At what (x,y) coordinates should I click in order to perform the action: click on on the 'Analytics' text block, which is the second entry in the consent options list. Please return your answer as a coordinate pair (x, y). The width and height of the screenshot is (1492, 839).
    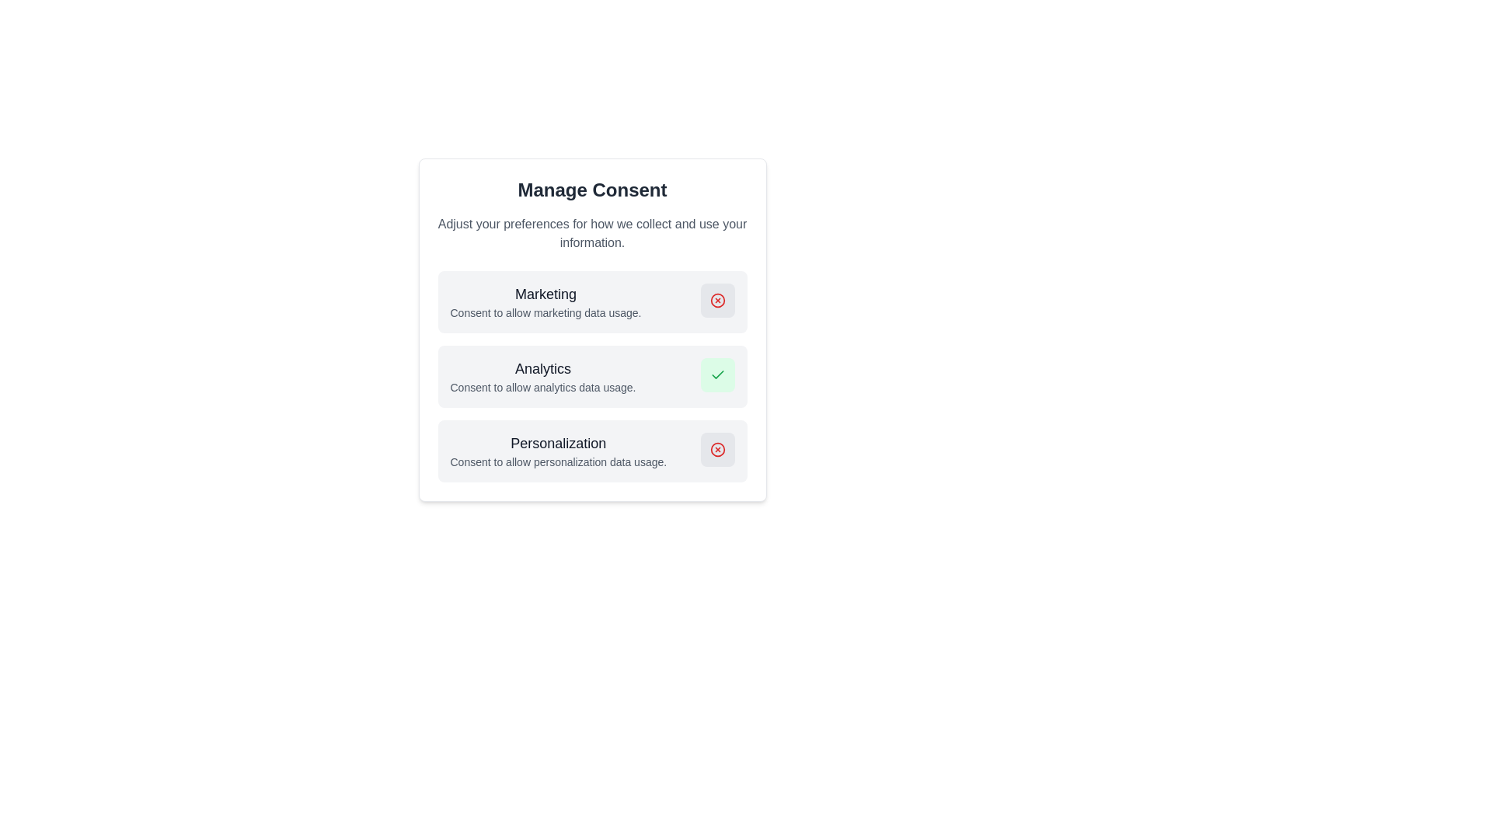
    Looking at the image, I should click on (542, 377).